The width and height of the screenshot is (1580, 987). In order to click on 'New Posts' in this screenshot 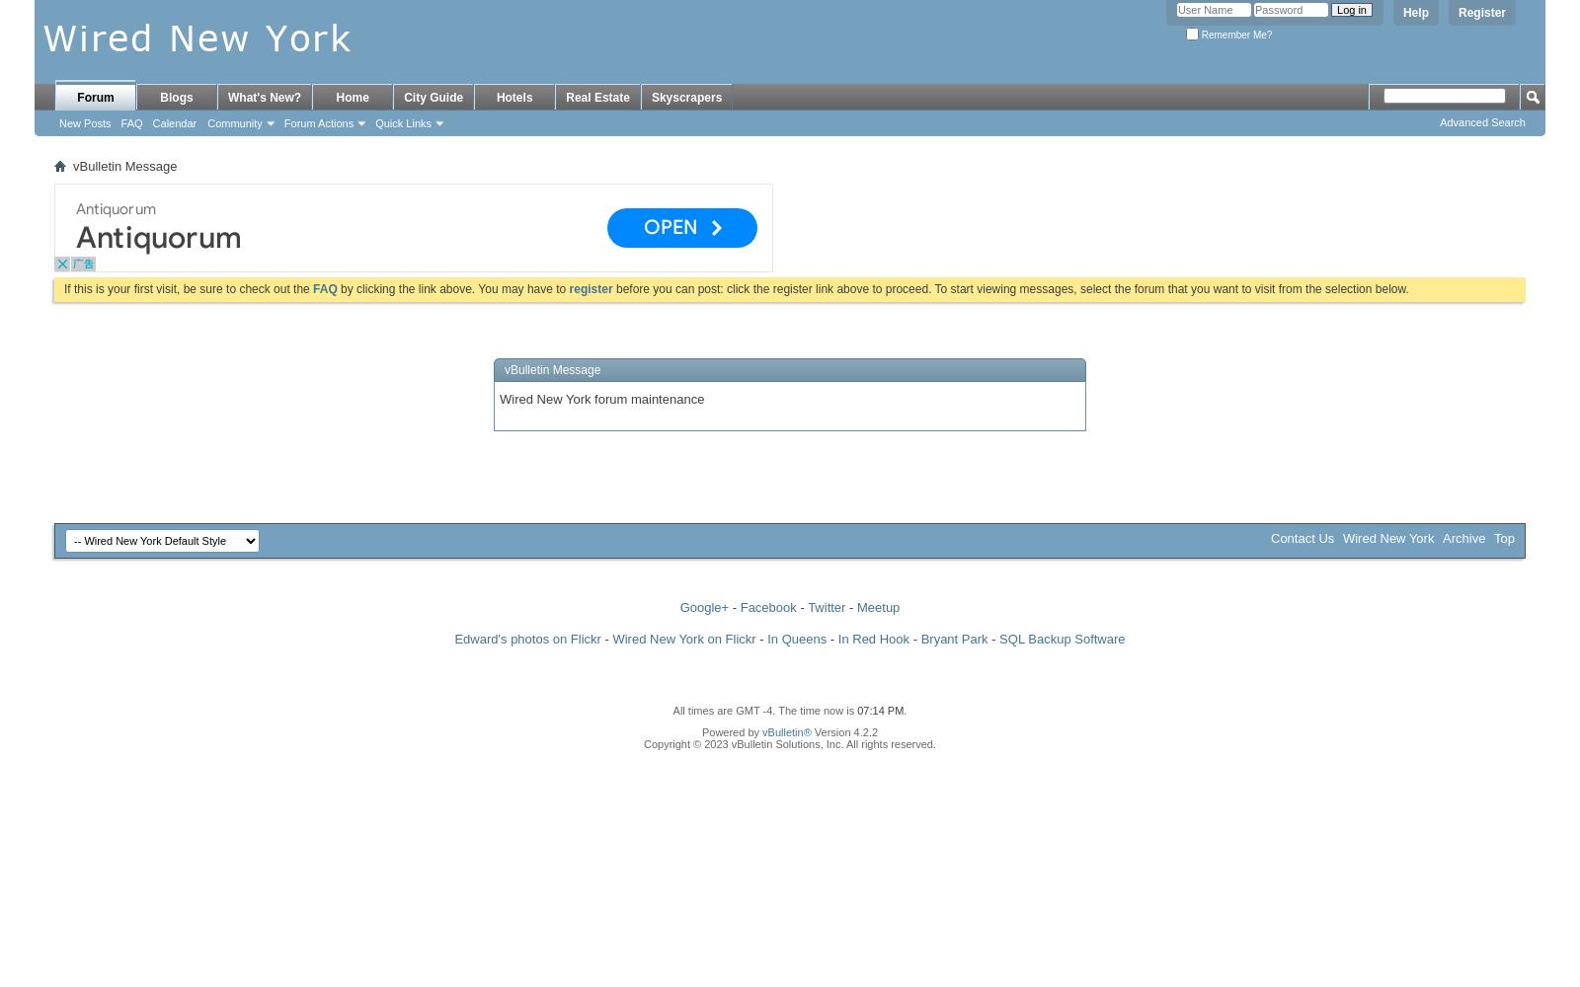, I will do `click(58, 123)`.